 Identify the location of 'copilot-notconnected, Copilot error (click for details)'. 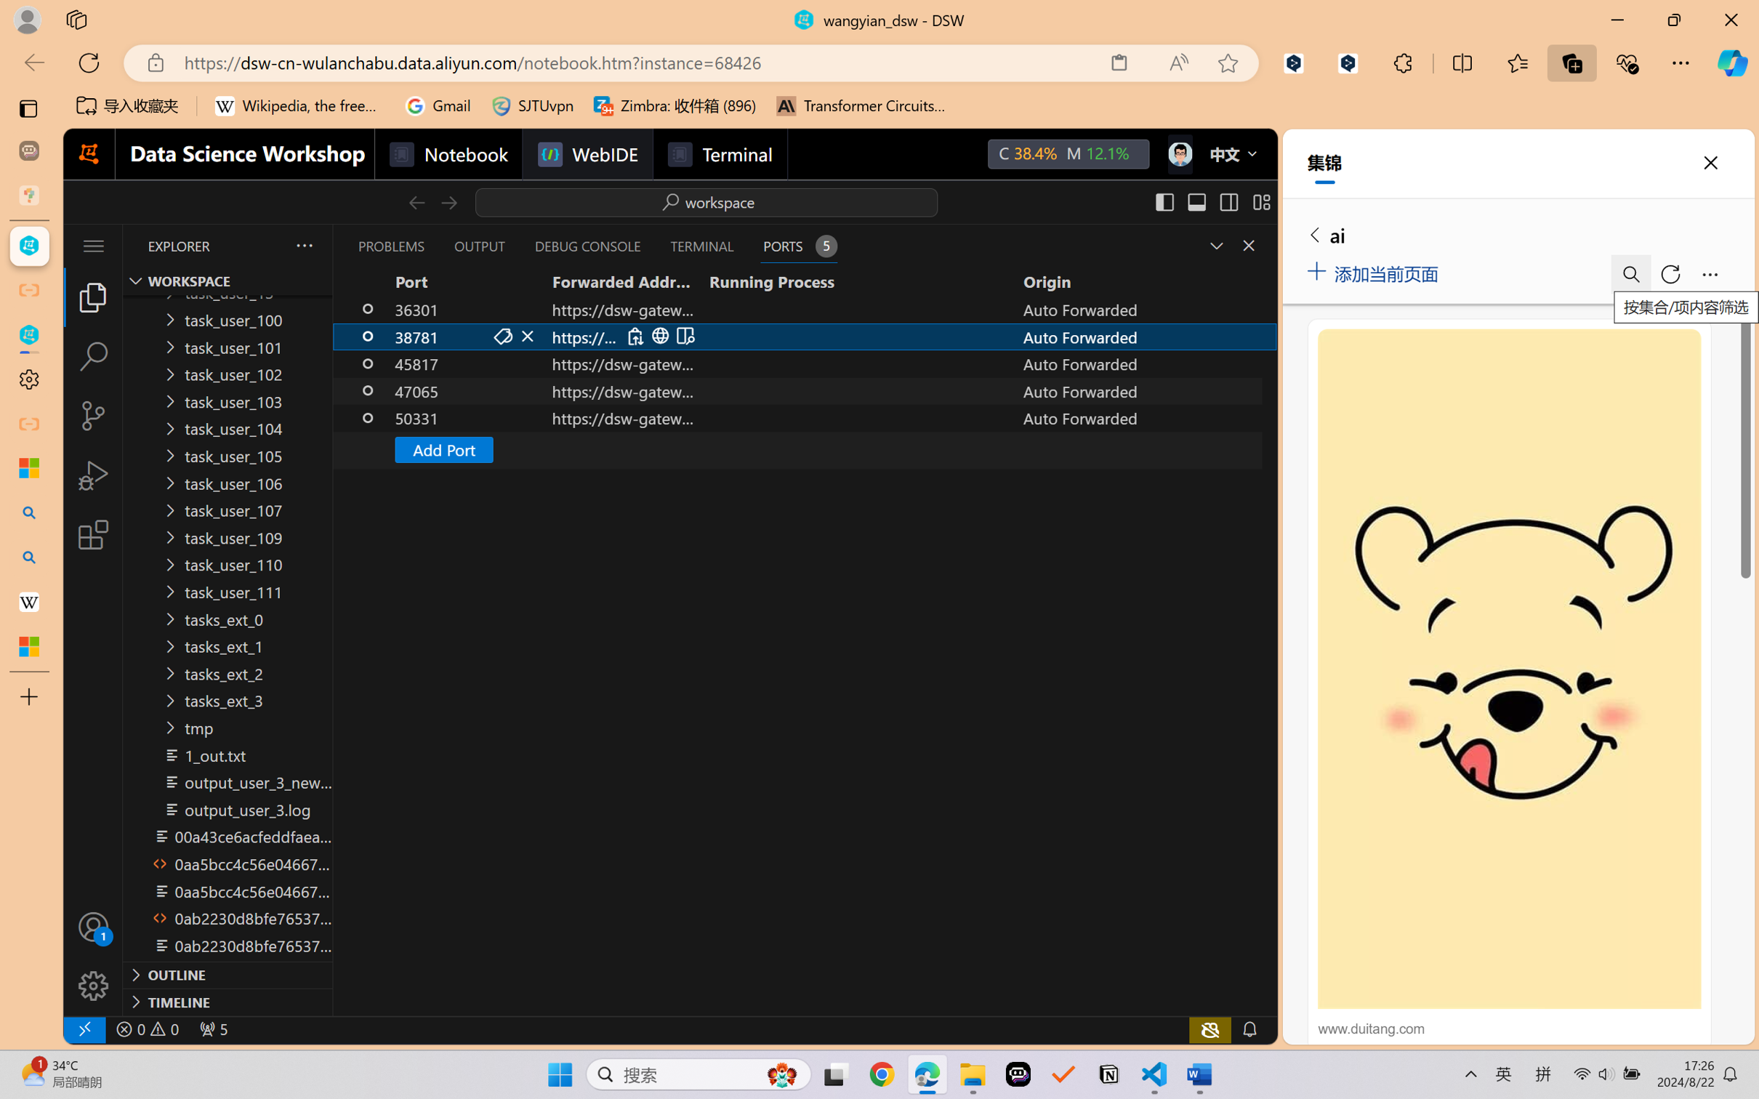
(1209, 1028).